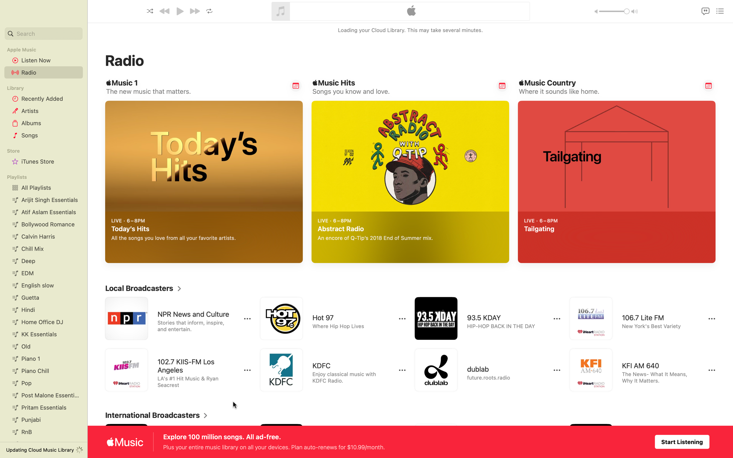 This screenshot has width=733, height=458. Describe the element at coordinates (171, 370) in the screenshot. I see `Listen to 102.7 Los Angeles` at that location.